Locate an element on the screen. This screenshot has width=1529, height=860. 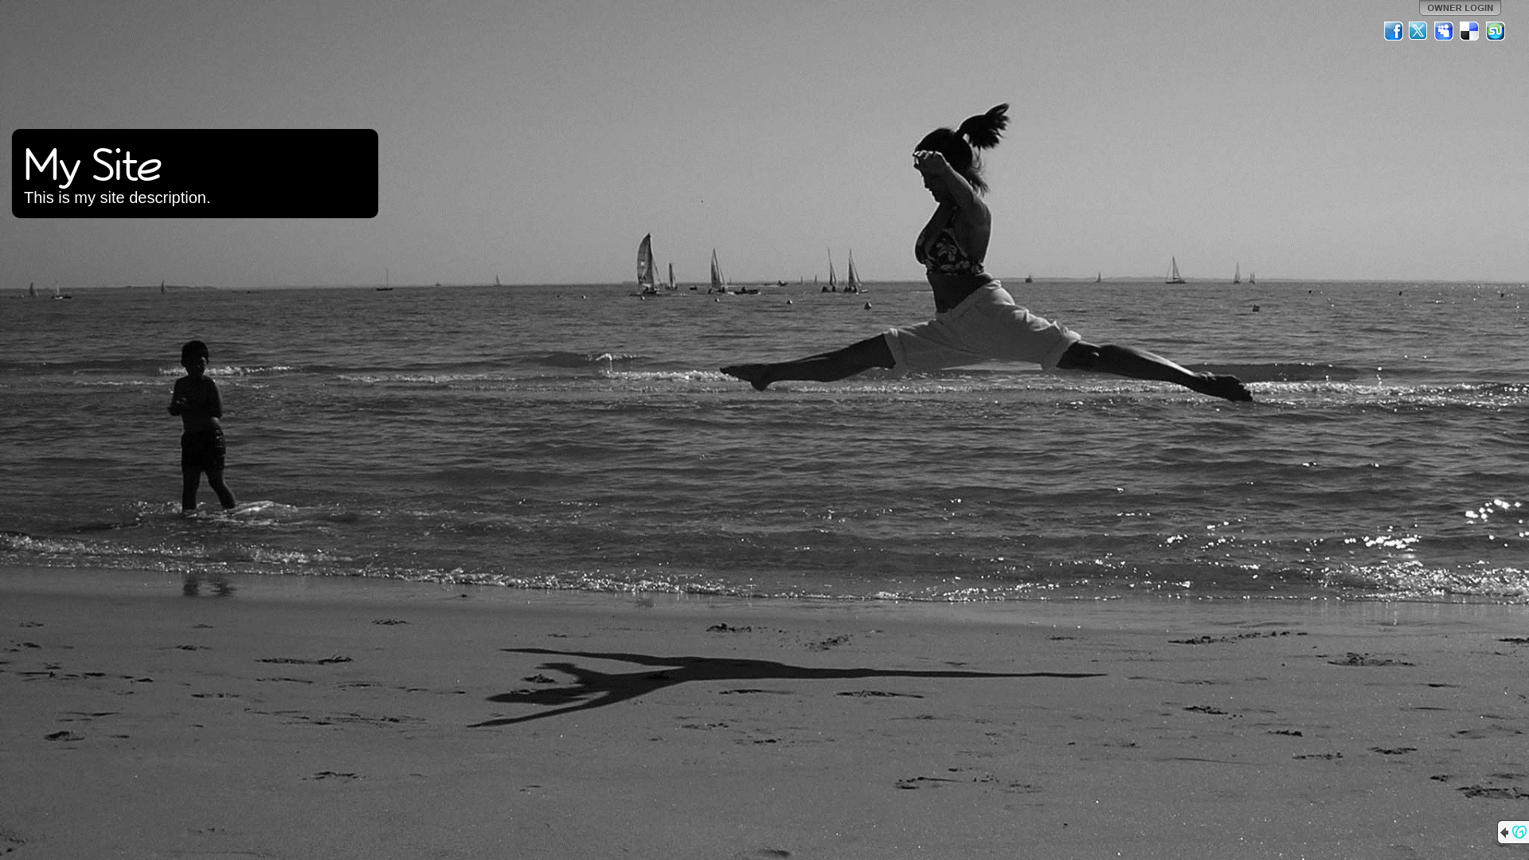
'Del.icio.us' is located at coordinates (1459, 30).